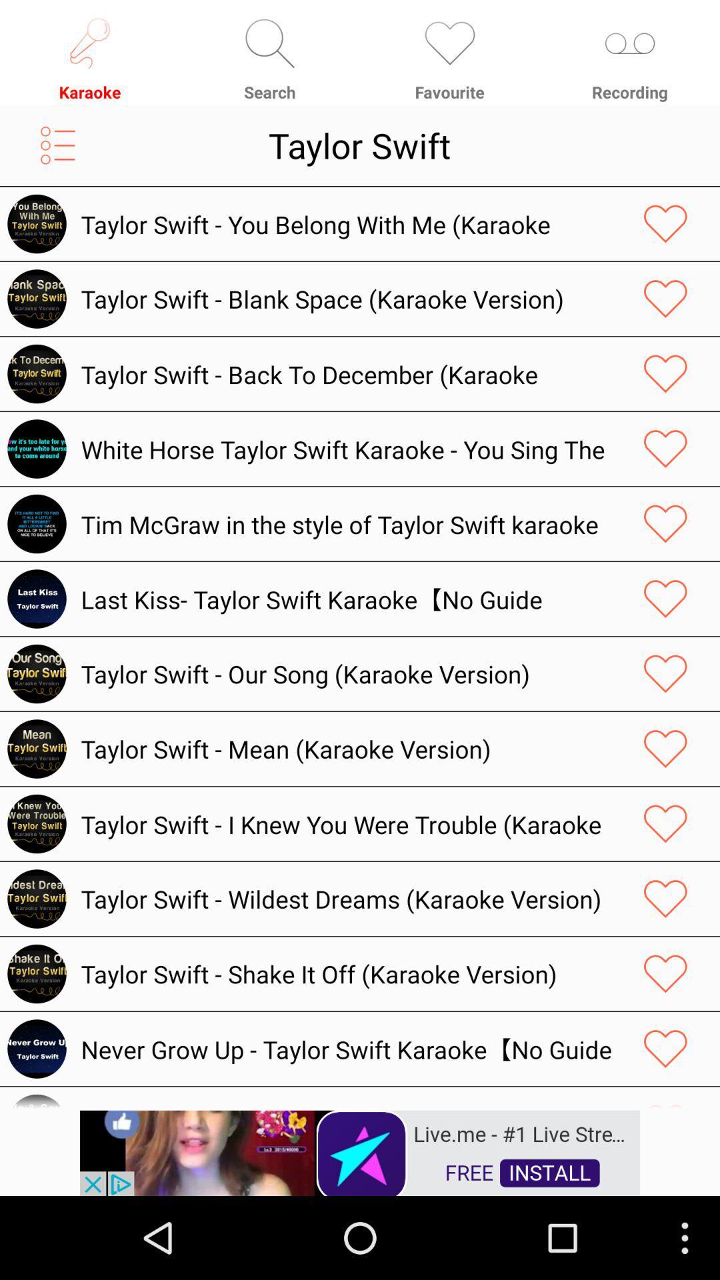 This screenshot has height=1280, width=720. I want to click on the song, so click(665, 224).